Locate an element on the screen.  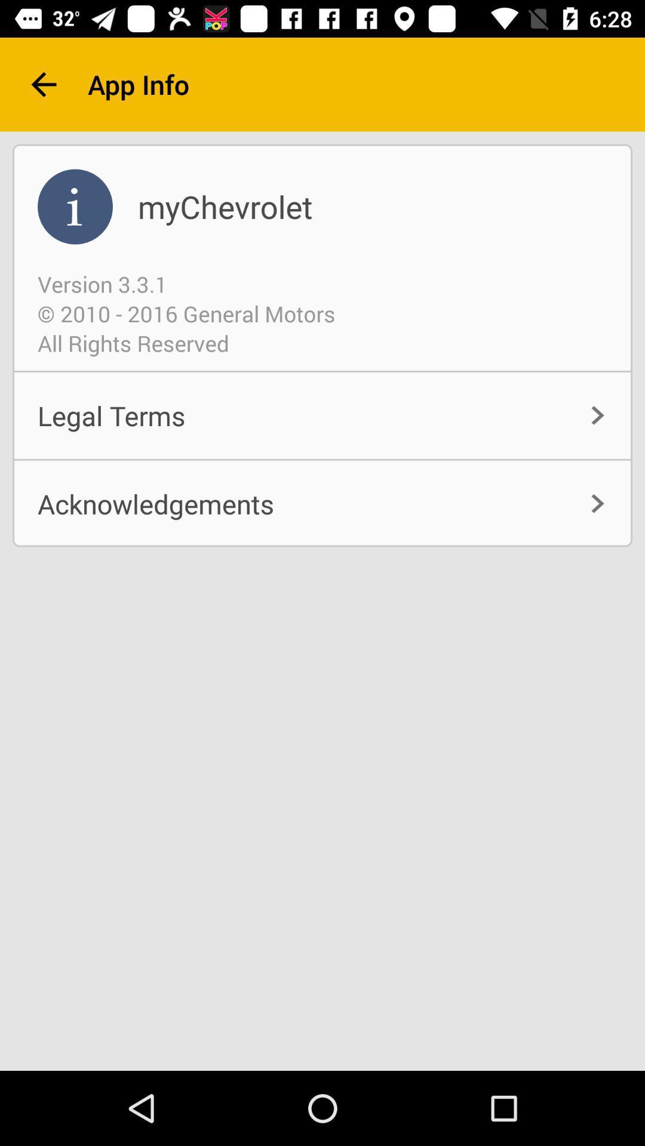
icon to the left of the app info is located at coordinates (43, 84).